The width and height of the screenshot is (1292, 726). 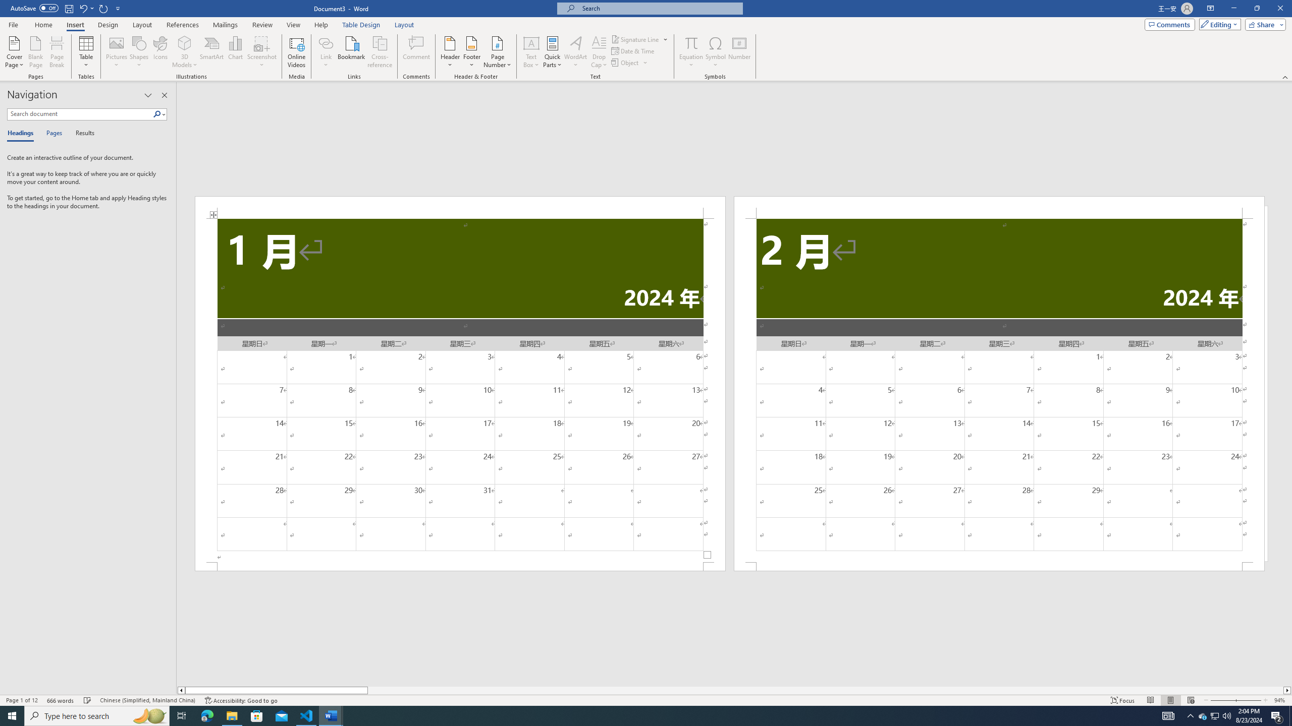 I want to click on 'References', so click(x=183, y=25).